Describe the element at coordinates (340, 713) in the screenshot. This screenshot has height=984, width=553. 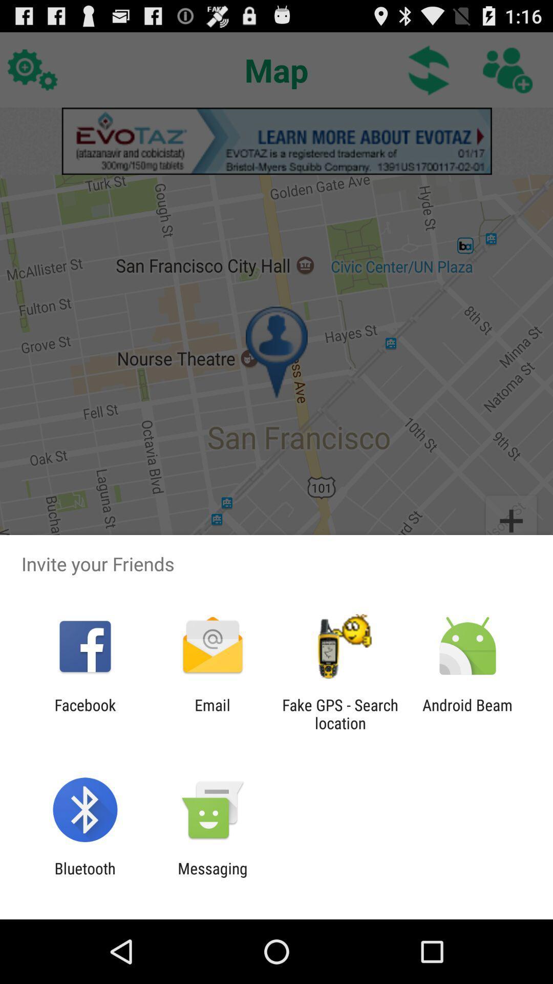
I see `icon next to android beam app` at that location.